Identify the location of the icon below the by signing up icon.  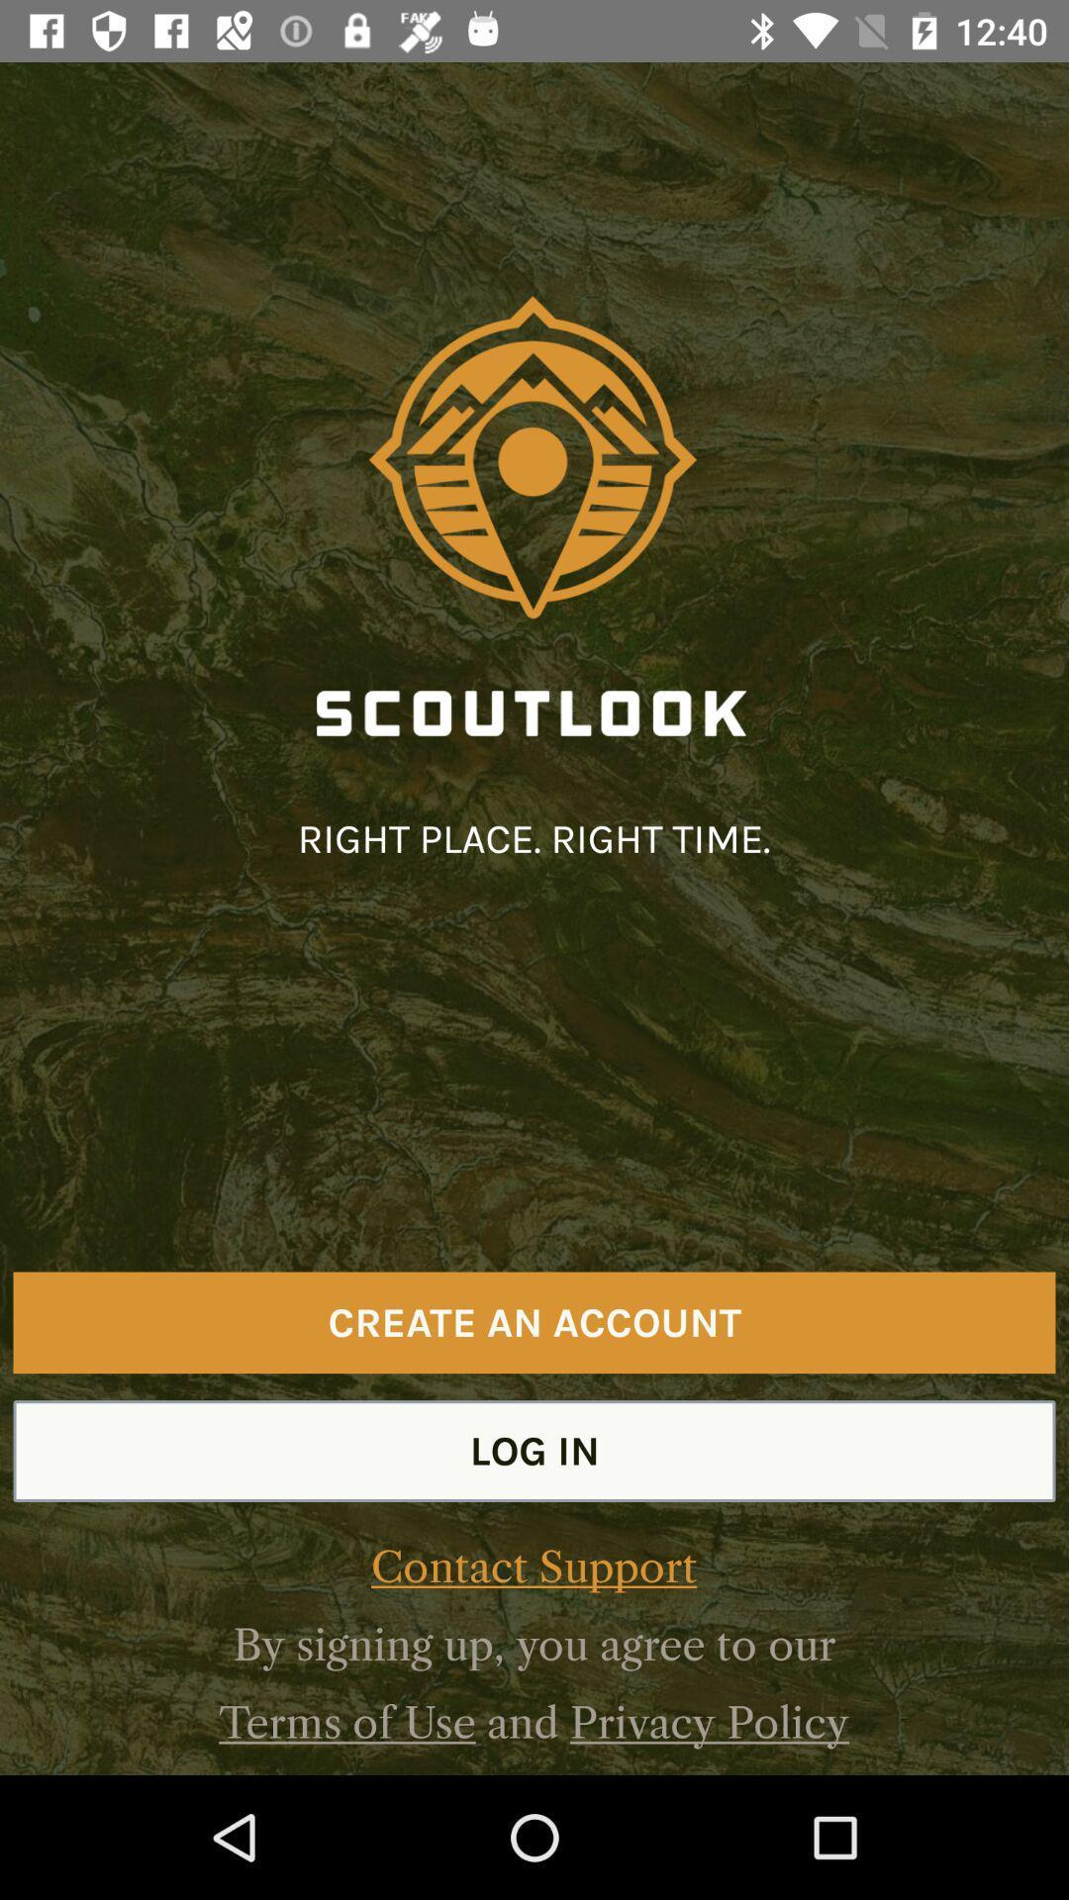
(346, 1722).